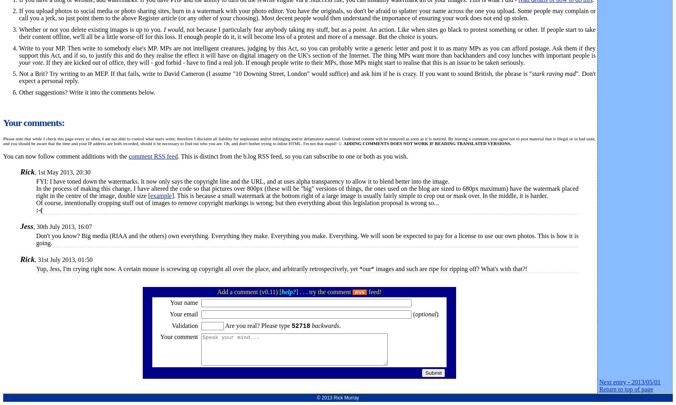 The height and width of the screenshot is (405, 676). What do you see at coordinates (238, 202) in the screenshot?
I see `'Of course, intentionally cropping stuff out of images to remove copyright markings is wrong; but then everything about this legislation proposal is wrong so...'` at bounding box center [238, 202].